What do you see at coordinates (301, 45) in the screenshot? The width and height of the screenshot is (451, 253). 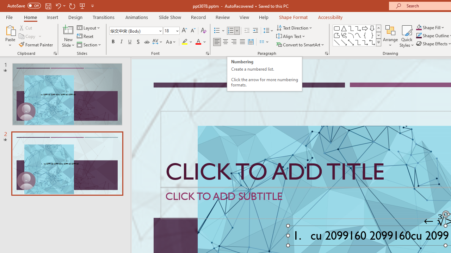 I see `'Convert to SmartArt'` at bounding box center [301, 45].